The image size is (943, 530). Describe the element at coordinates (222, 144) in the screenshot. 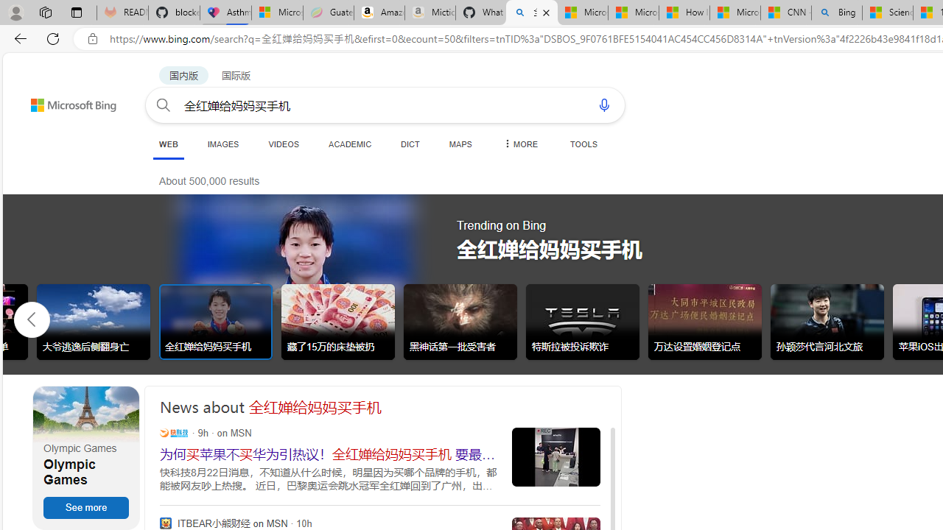

I see `'IMAGES'` at that location.